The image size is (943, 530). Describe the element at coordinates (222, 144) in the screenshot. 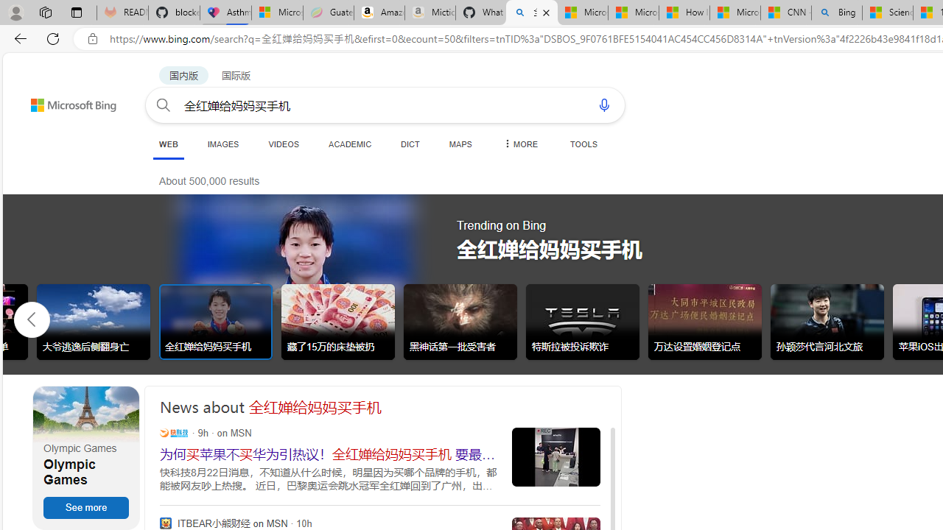

I see `'IMAGES'` at that location.